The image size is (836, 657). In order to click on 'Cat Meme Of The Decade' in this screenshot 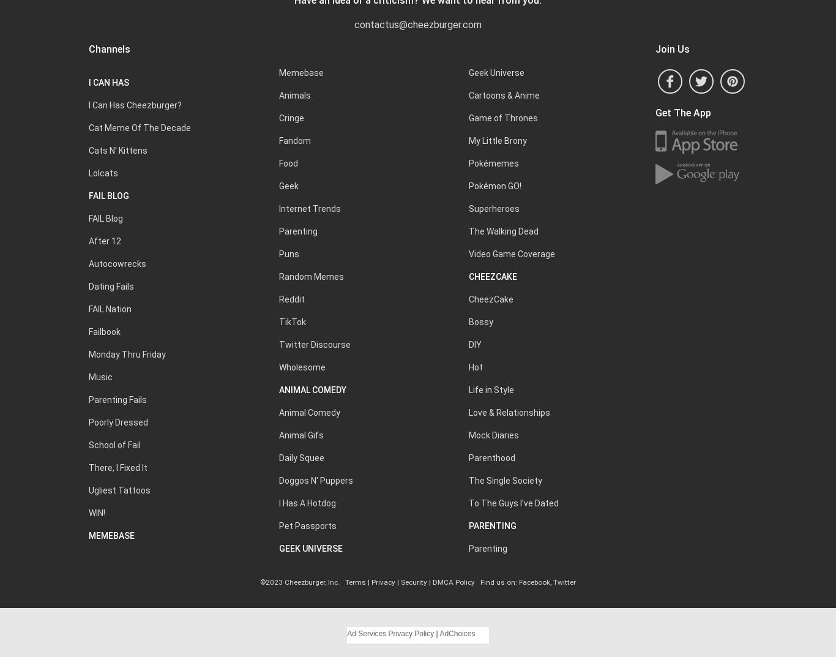, I will do `click(140, 128)`.